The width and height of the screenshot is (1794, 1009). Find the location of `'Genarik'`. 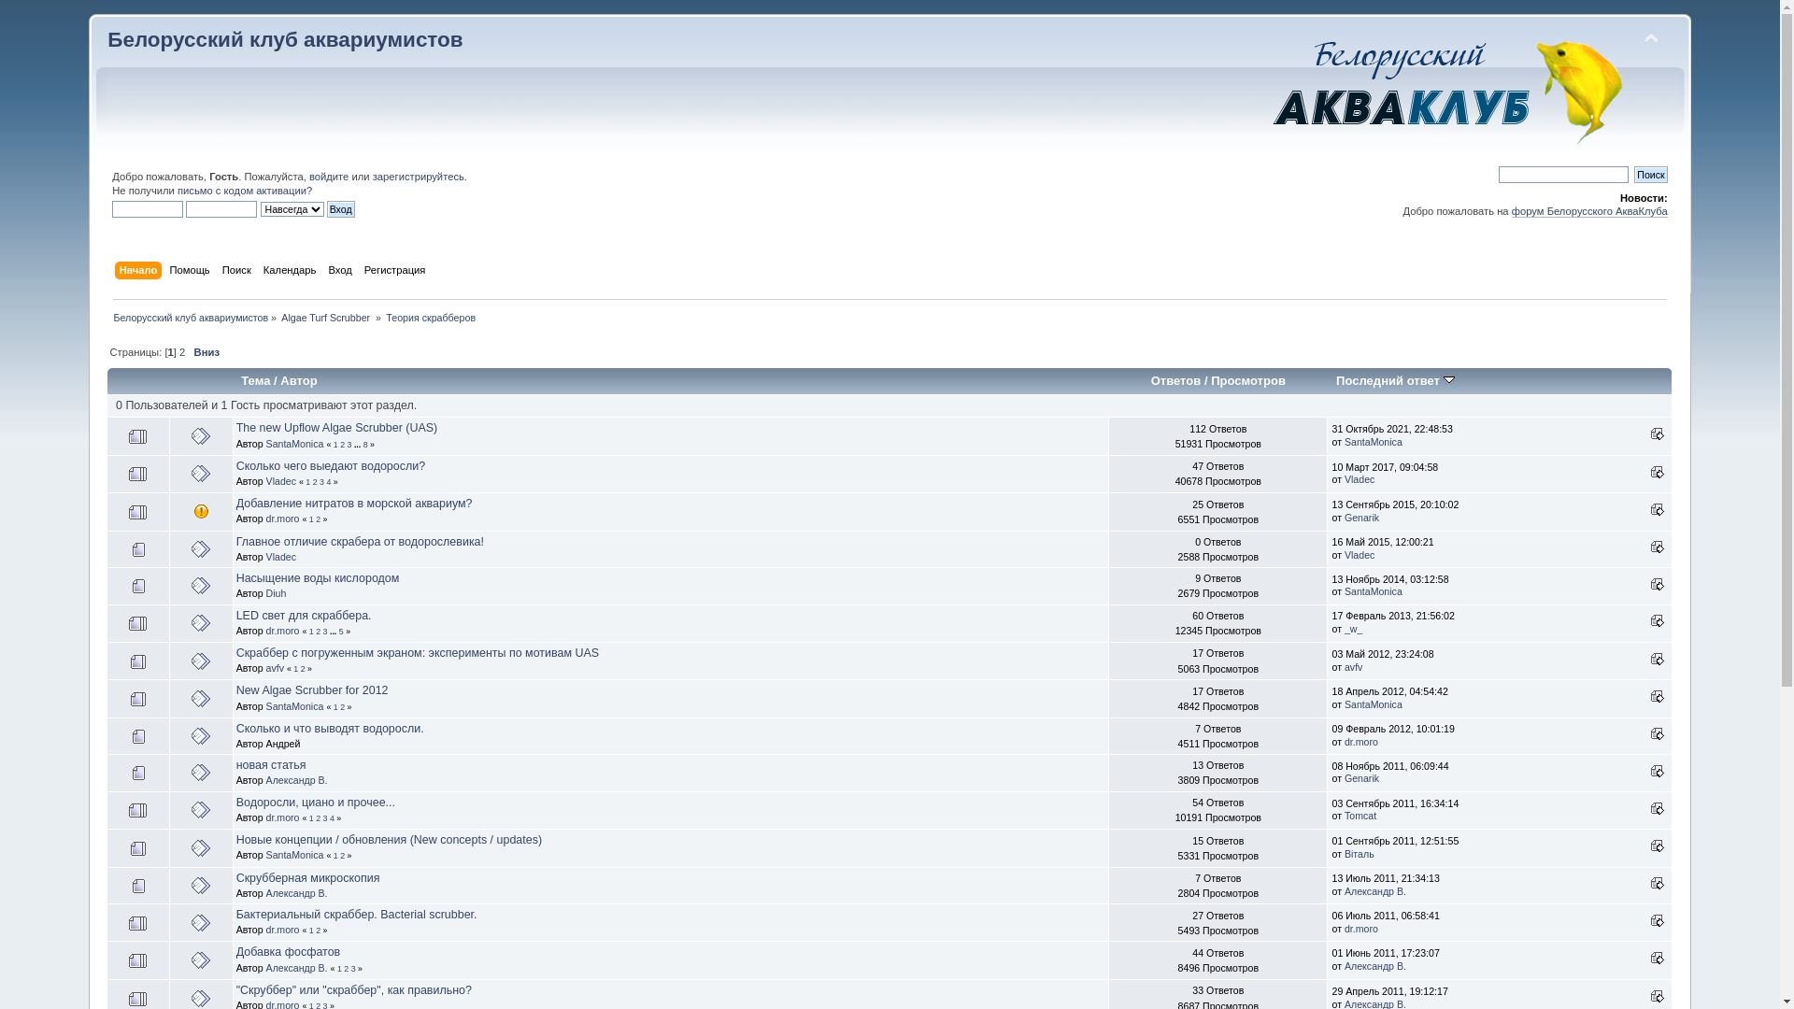

'Genarik' is located at coordinates (1361, 518).